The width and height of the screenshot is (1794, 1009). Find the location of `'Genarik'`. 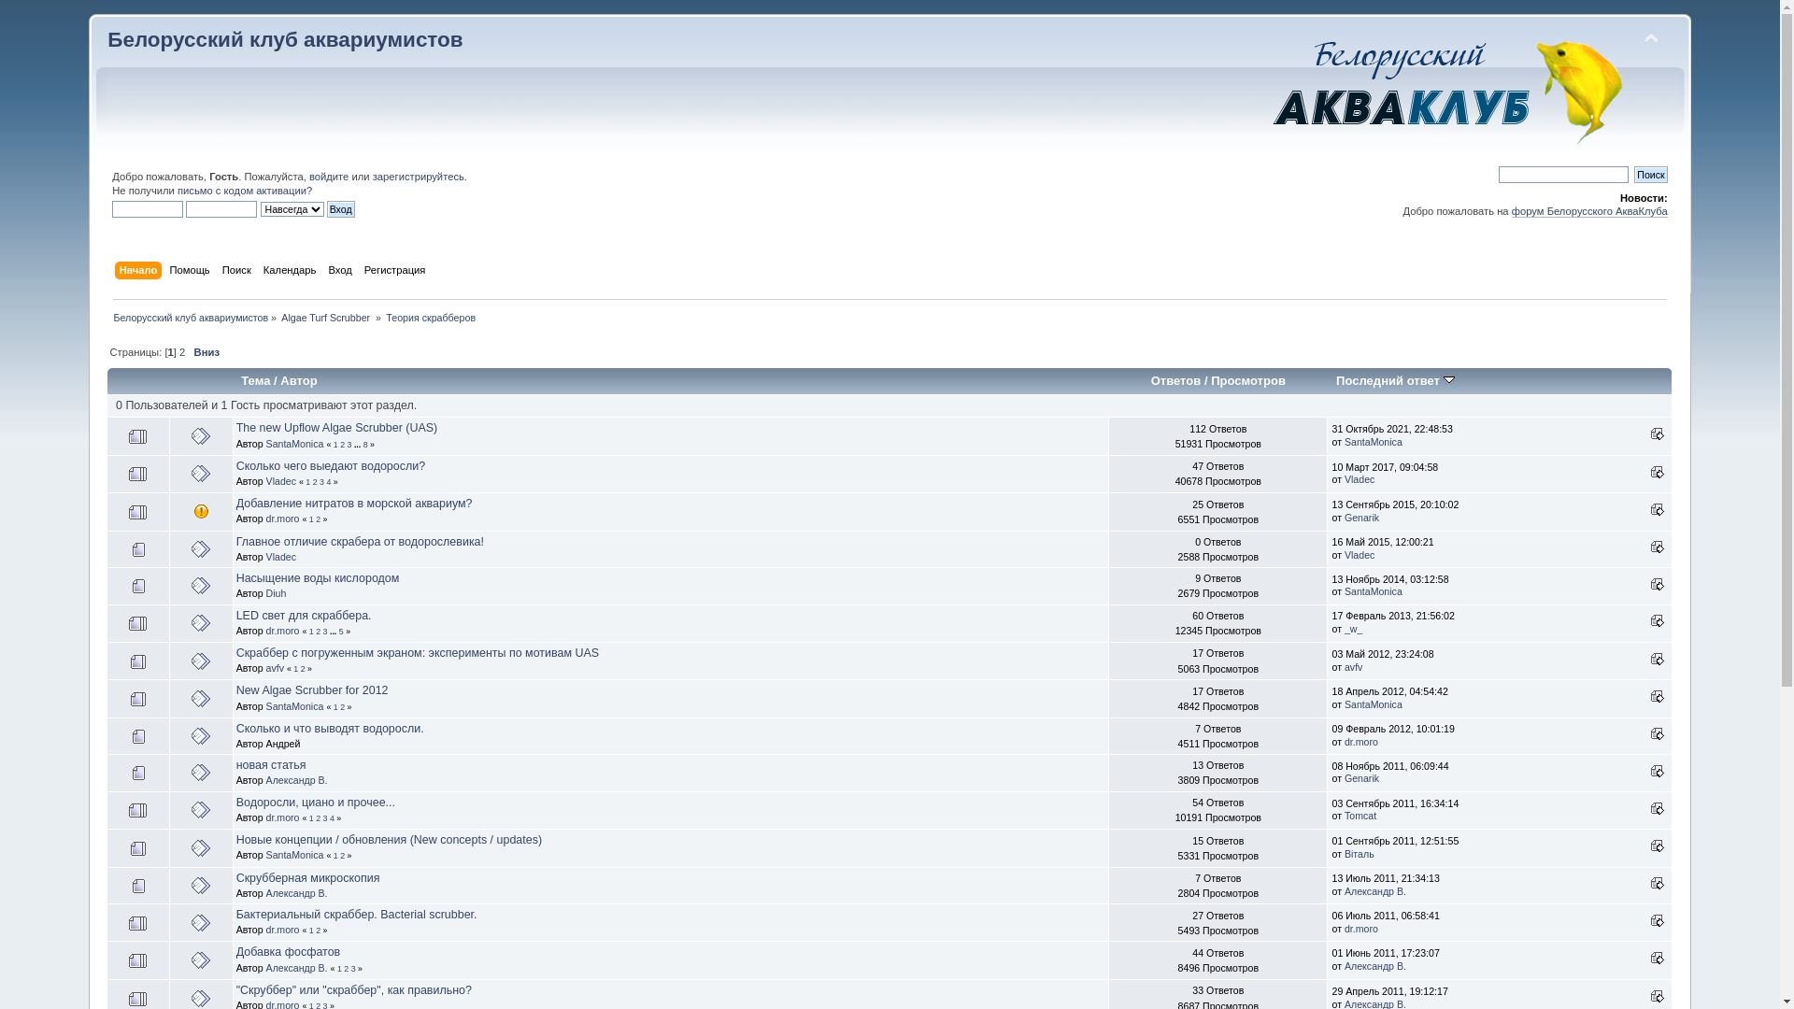

'Genarik' is located at coordinates (1361, 518).